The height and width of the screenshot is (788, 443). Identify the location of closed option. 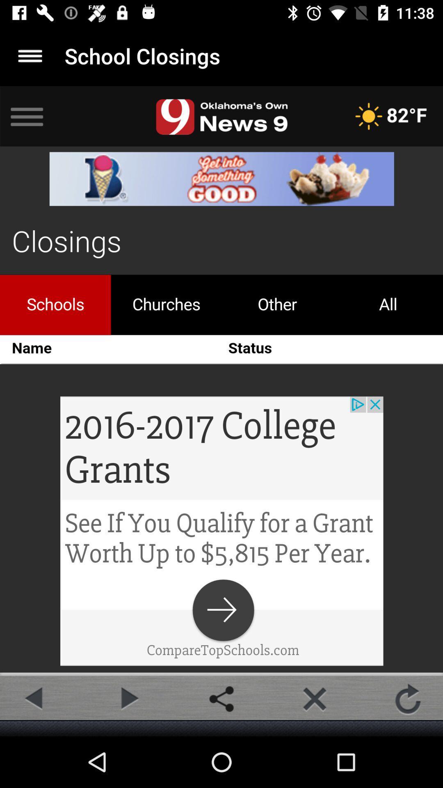
(314, 699).